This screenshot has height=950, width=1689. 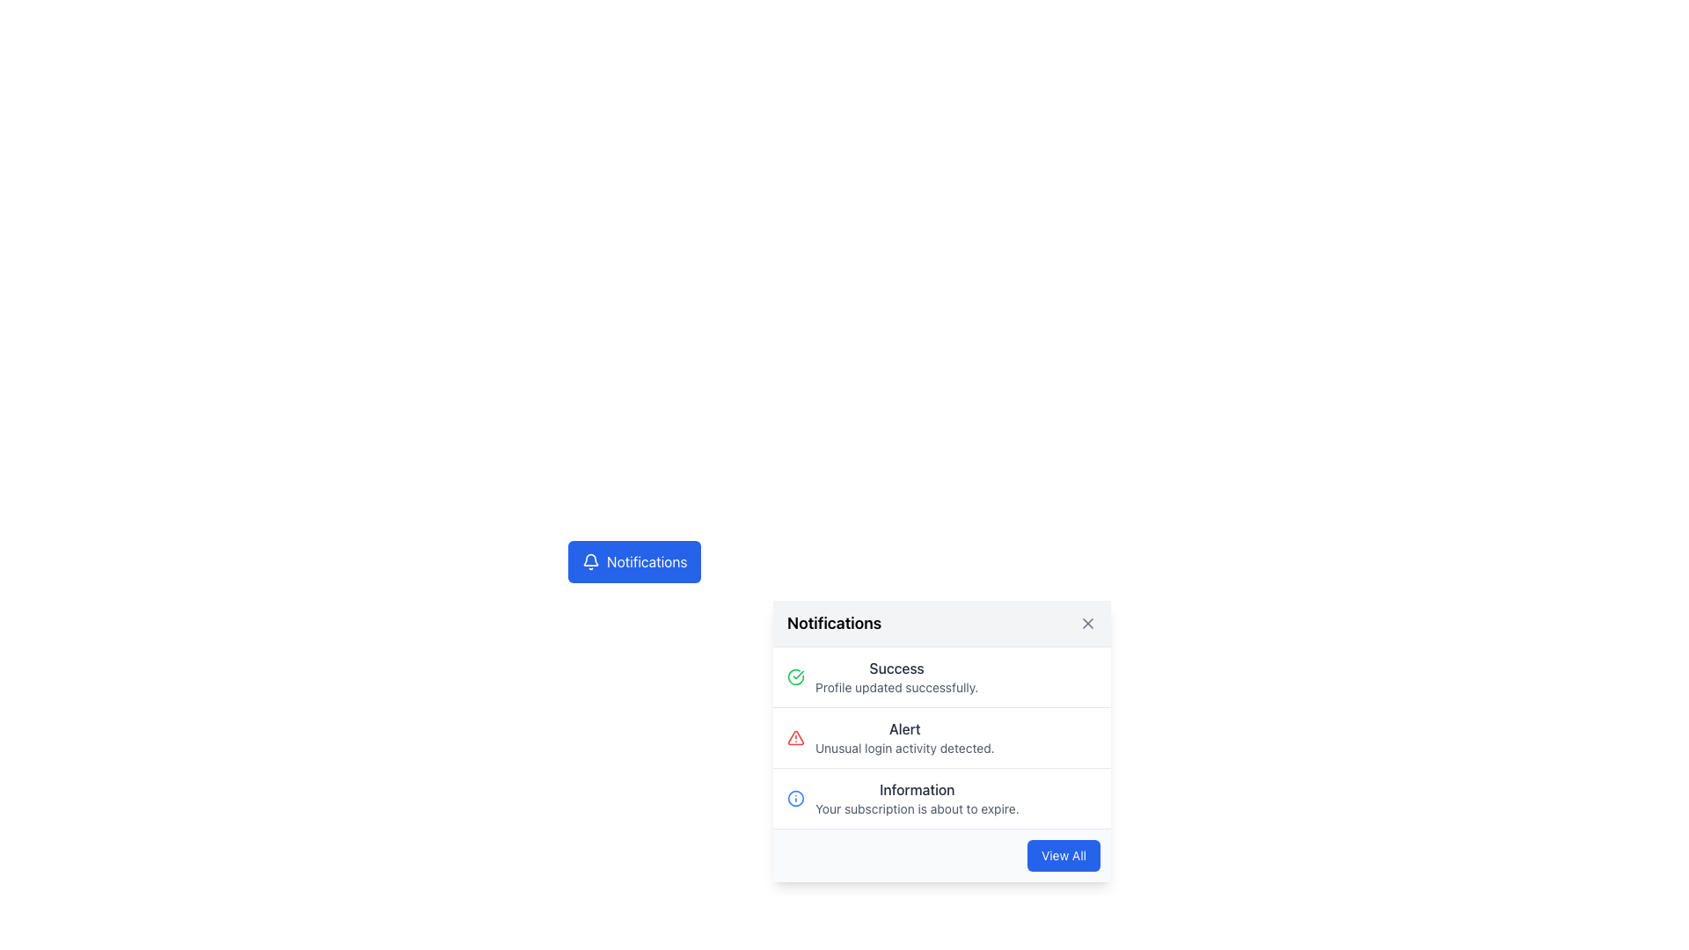 I want to click on the 'Alert' text label, which is styled with a bold serif font in dark gray and is located in the middle row of the notifications panel under the 'Alert' section's heading, so click(x=904, y=729).